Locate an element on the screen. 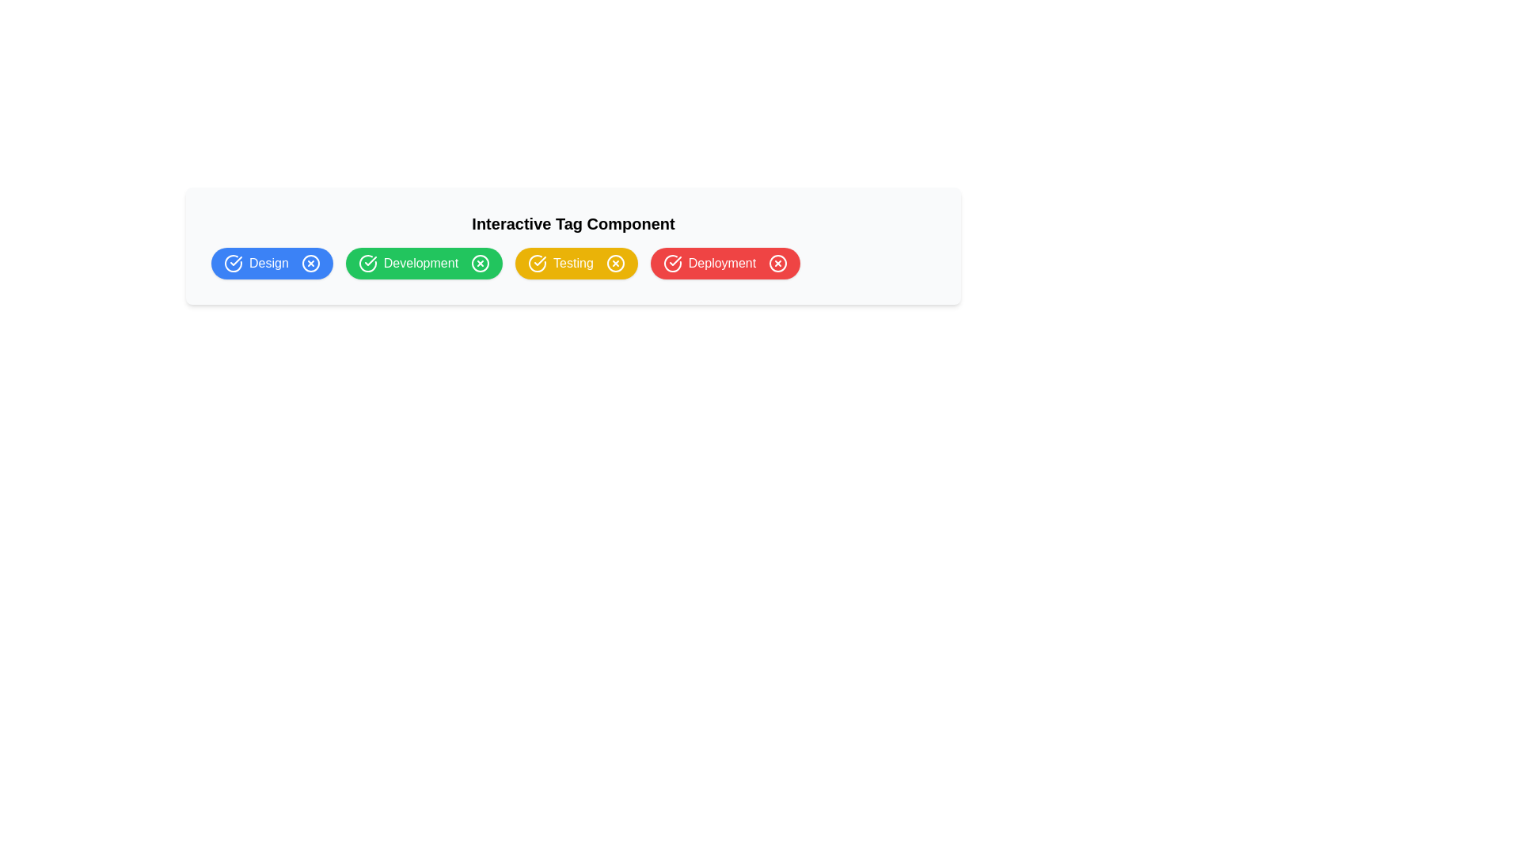  the yellow rounded rectangular button labeled 'Testing', which features a checkmark icon on the left and a close icon on the right, positioned between the 'Development' and 'Deployment' buttons is located at coordinates (576, 262).